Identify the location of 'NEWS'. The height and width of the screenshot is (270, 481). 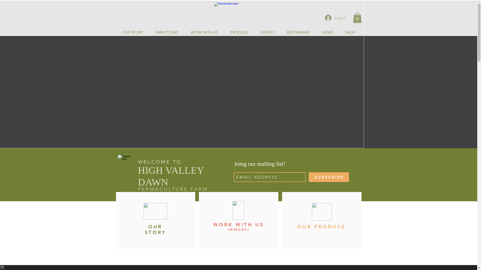
(327, 32).